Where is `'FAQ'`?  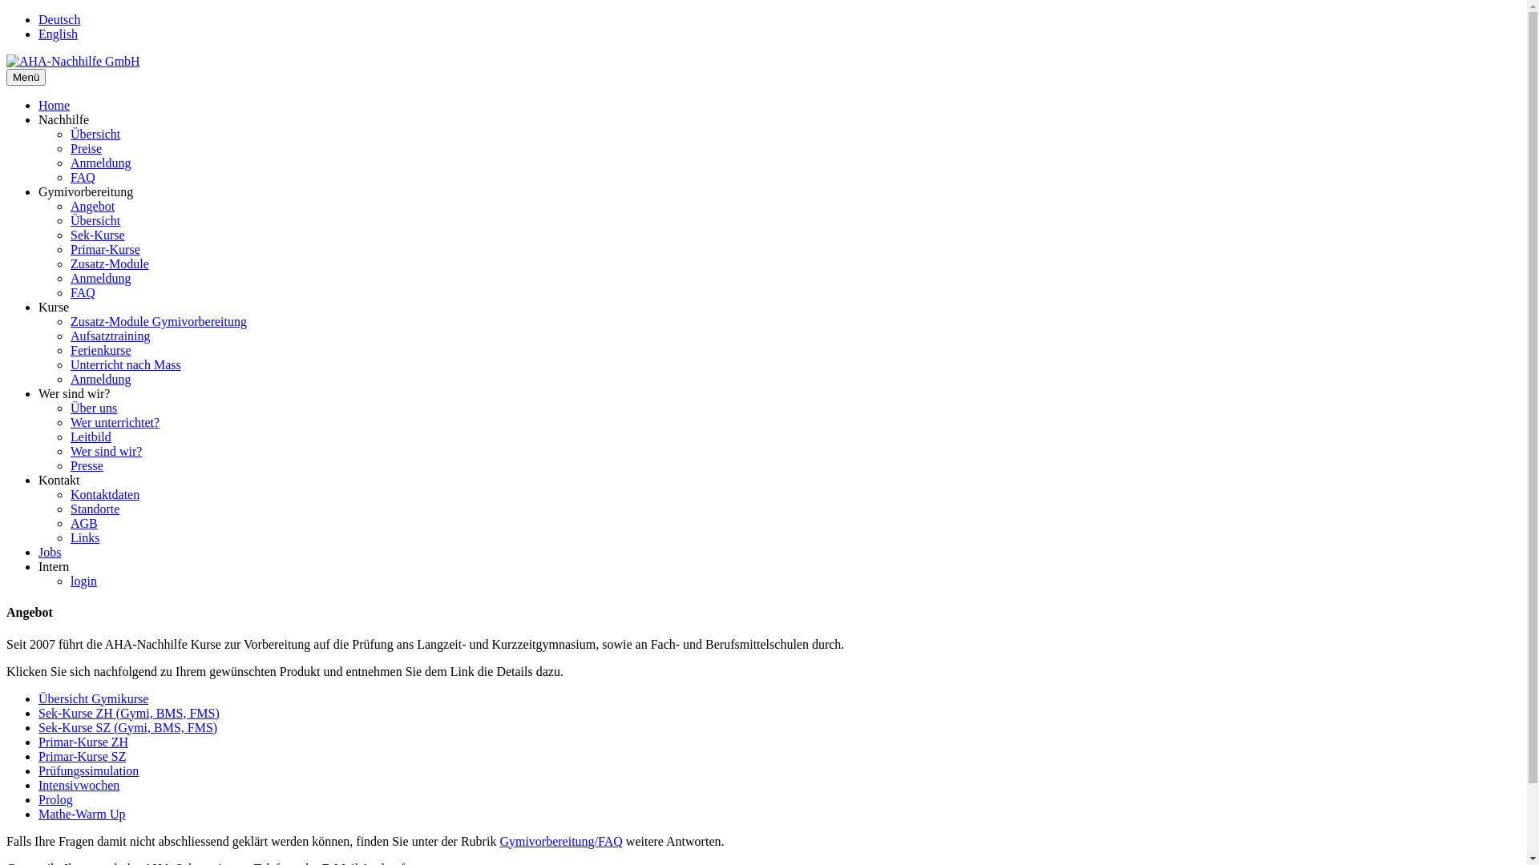
'FAQ' is located at coordinates (82, 292).